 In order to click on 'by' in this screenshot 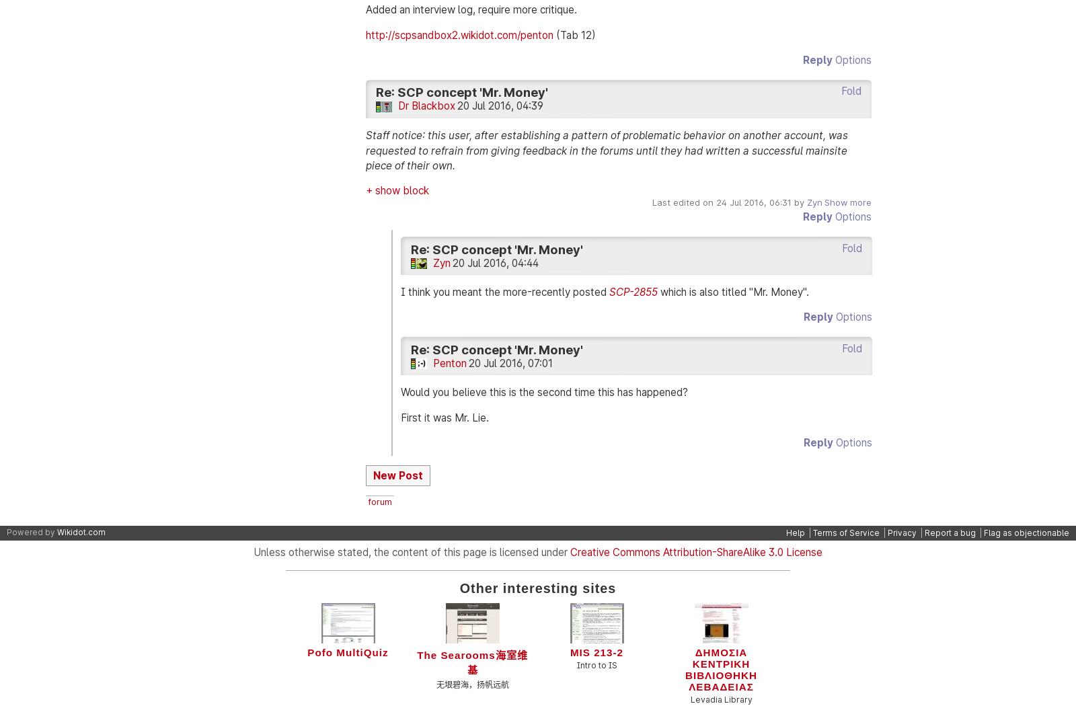, I will do `click(799, 202)`.